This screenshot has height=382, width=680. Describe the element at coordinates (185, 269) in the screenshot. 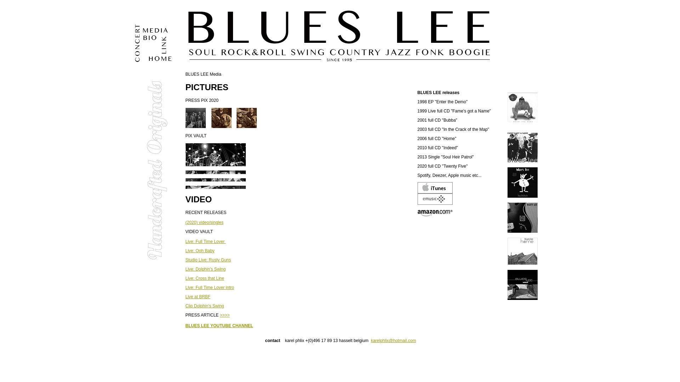

I see `'Live: Dolphin's Swing'` at that location.